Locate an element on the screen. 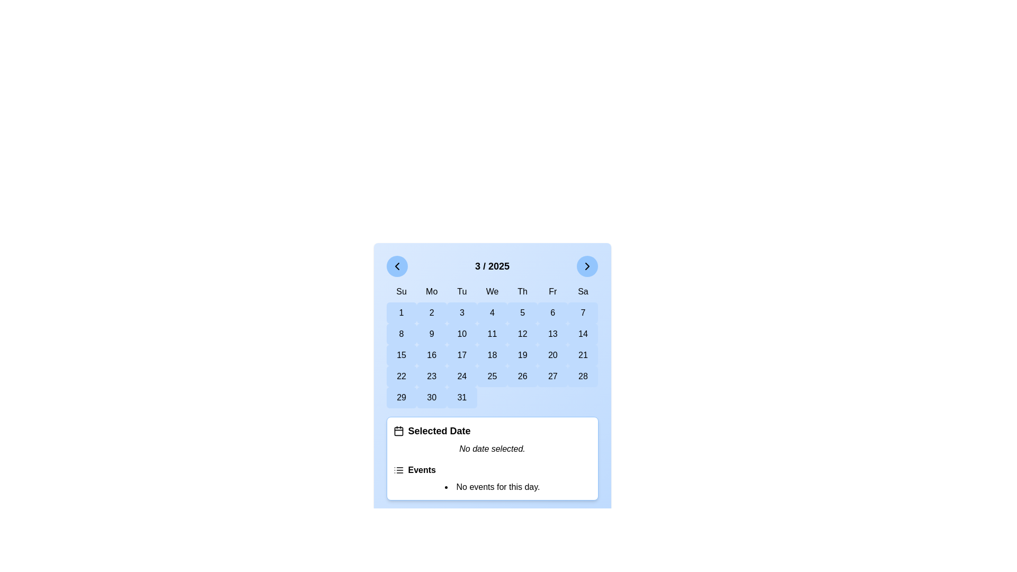 The height and width of the screenshot is (572, 1017). the rounded rectangle background element of the SVG calendar icon is located at coordinates (398, 431).